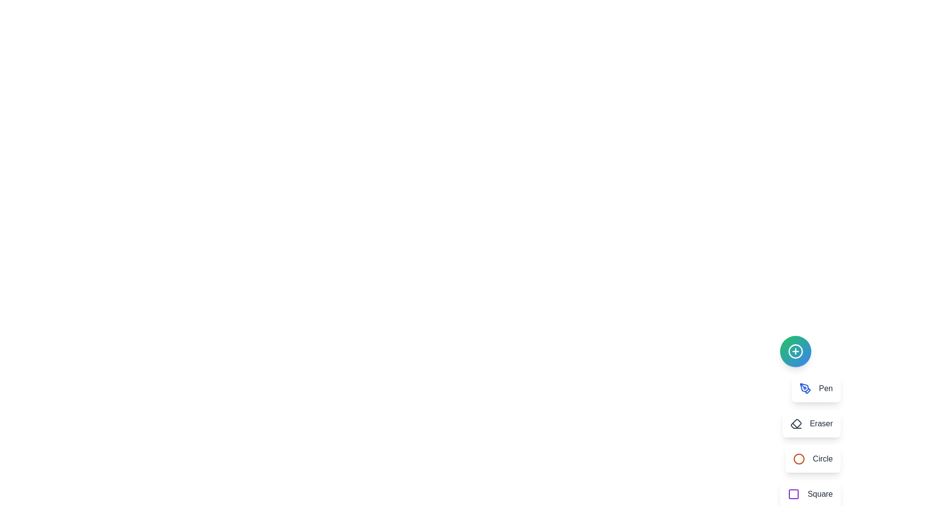 The height and width of the screenshot is (528, 939). I want to click on the tool menu item labeled Circle to see its animation, so click(812, 459).